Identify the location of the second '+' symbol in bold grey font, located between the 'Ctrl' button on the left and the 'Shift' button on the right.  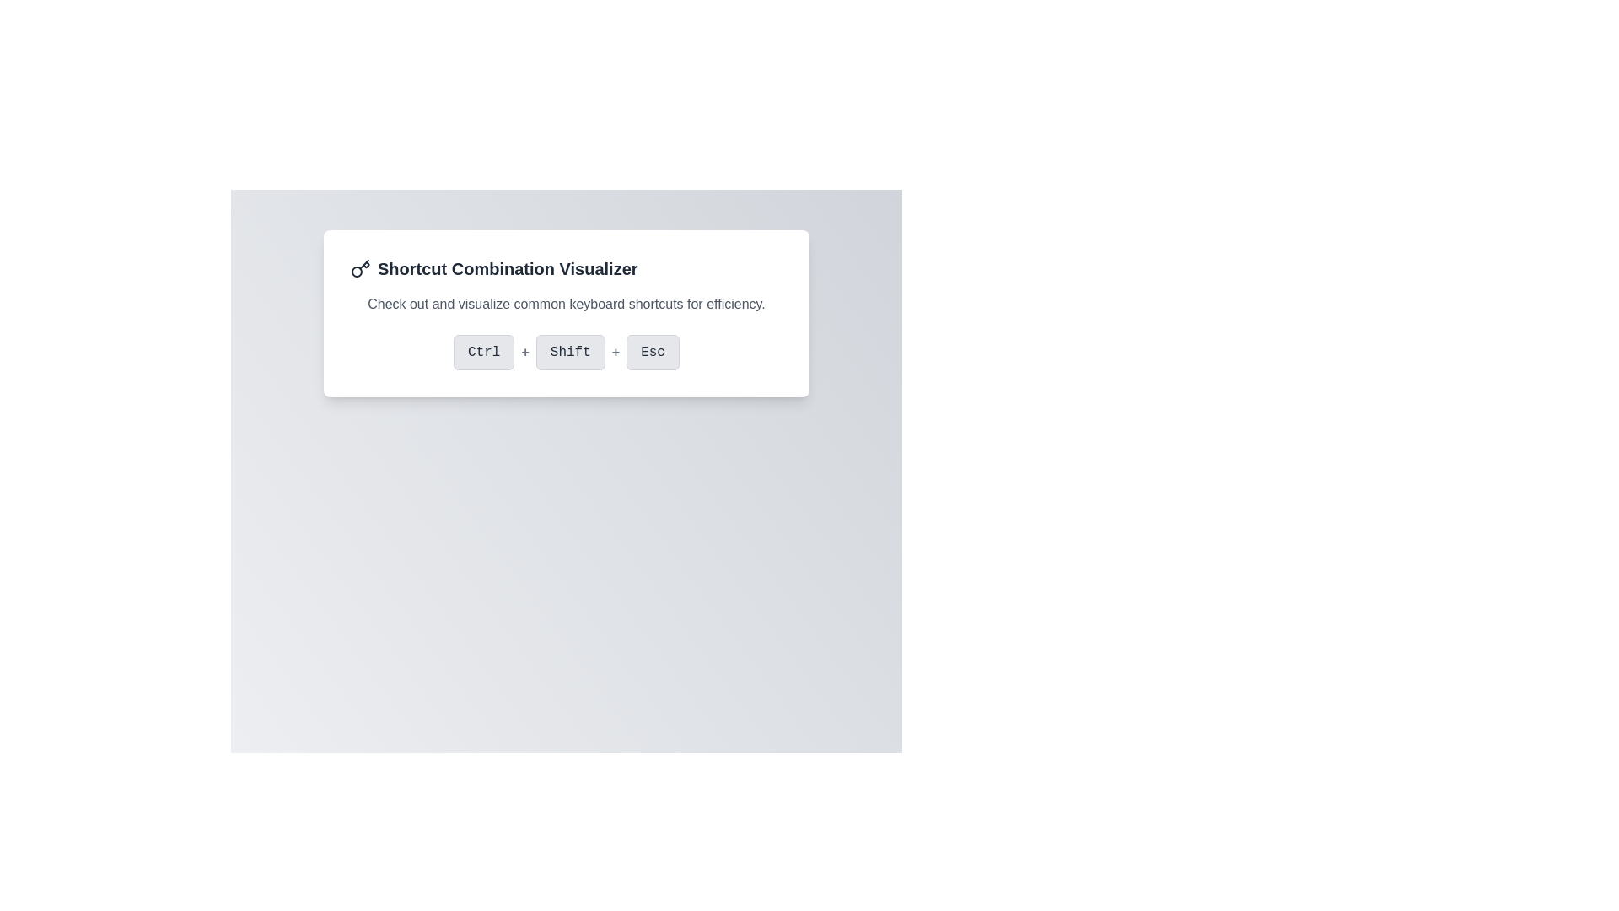
(524, 351).